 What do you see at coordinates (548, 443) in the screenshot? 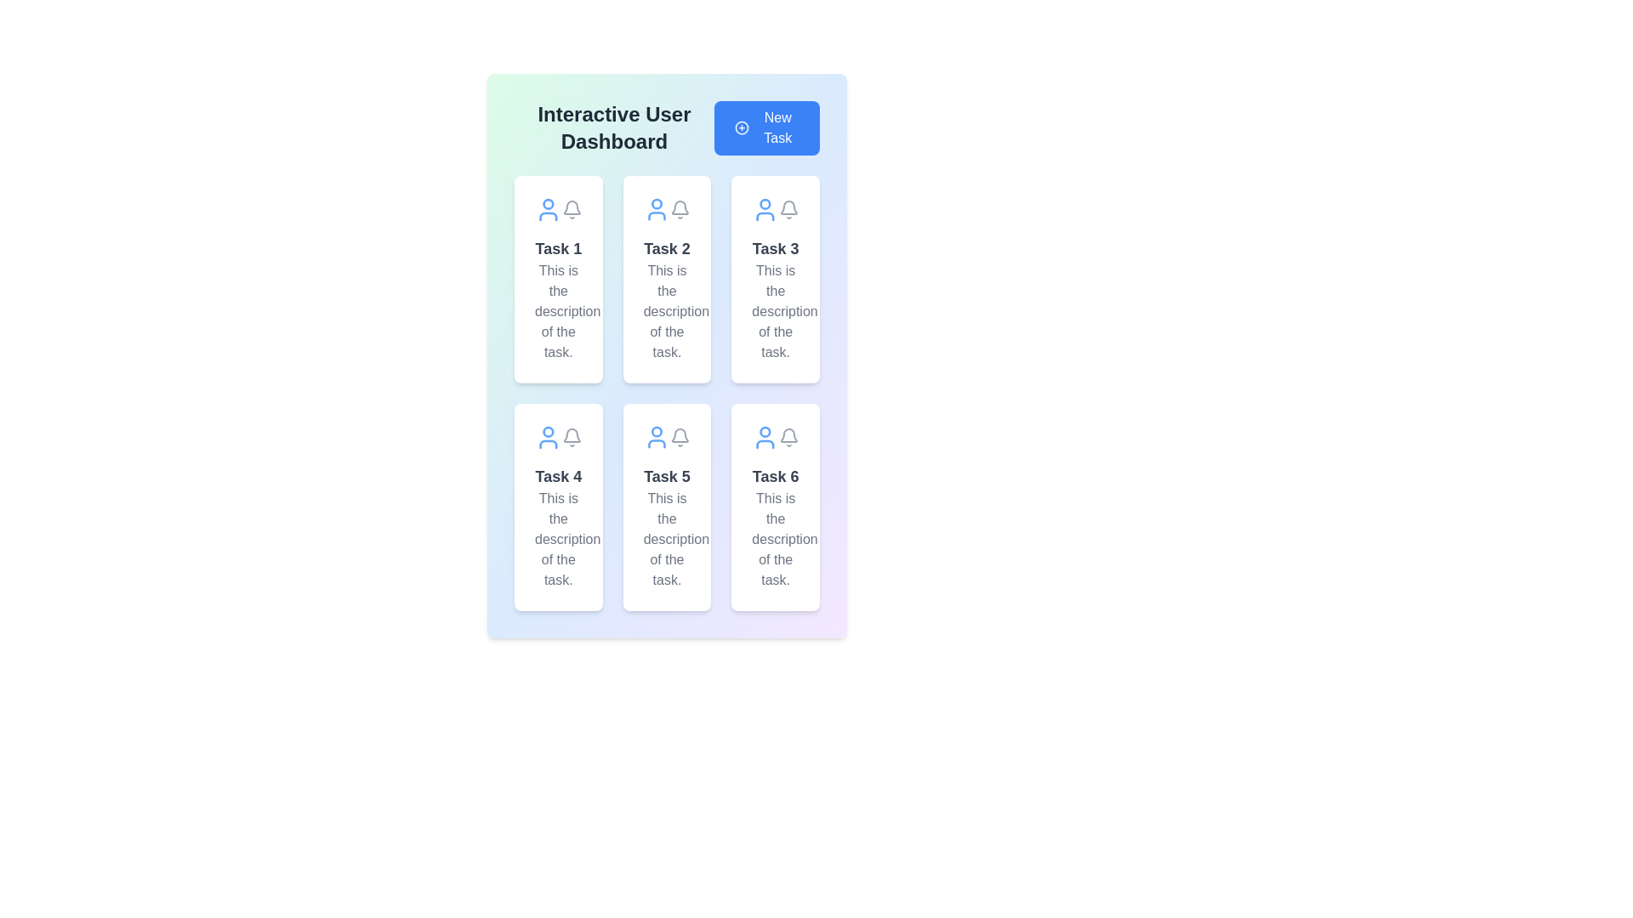
I see `the torso or shoulders component of the user profile icon in the first card of the second row labeled 'Task 4'` at bounding box center [548, 443].